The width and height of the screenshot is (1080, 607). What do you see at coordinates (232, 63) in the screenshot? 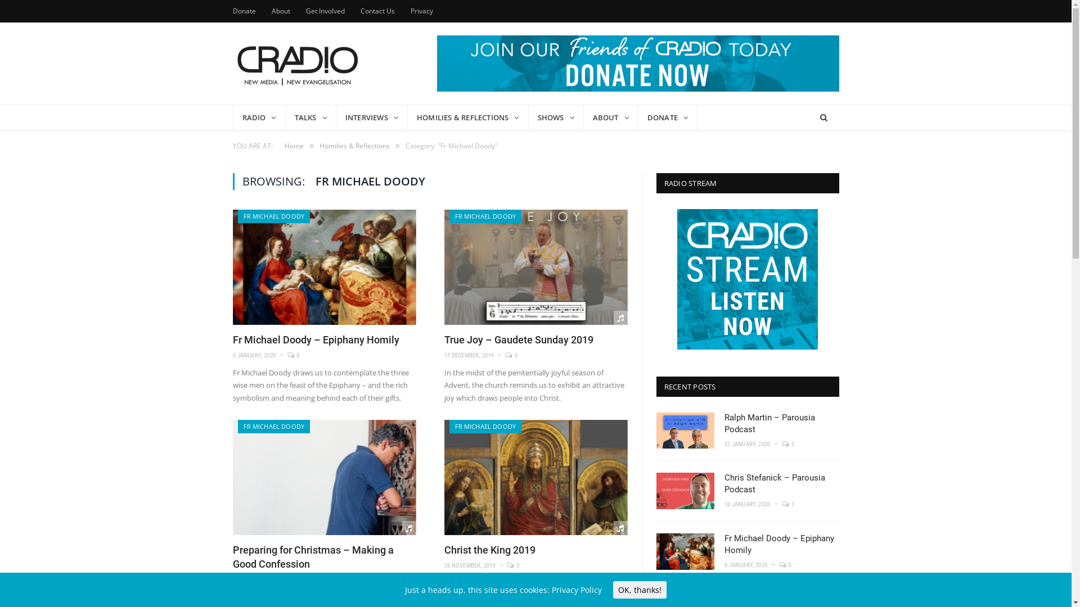
I see `'Cradio'` at bounding box center [232, 63].